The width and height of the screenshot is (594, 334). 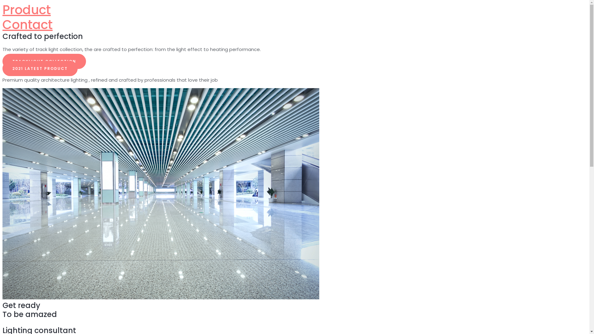 I want to click on 'Contact', so click(x=27, y=24).